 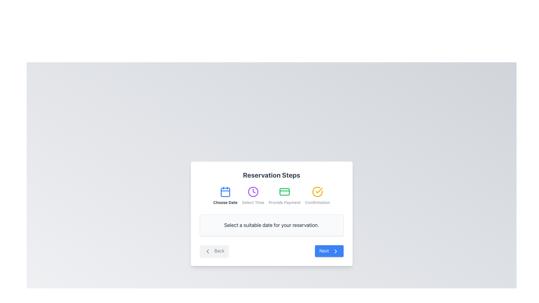 I want to click on the Label with an icon indicating the current step in the reservation process to choose a date, located in the middle-left area of the step navigation row, so click(x=225, y=196).